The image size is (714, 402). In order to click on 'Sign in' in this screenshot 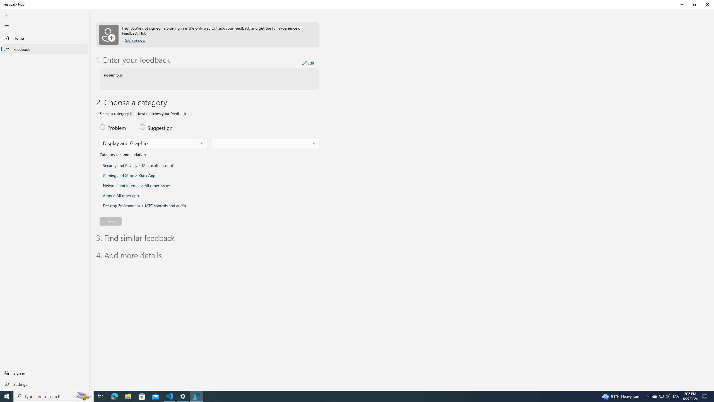, I will do `click(44, 372)`.